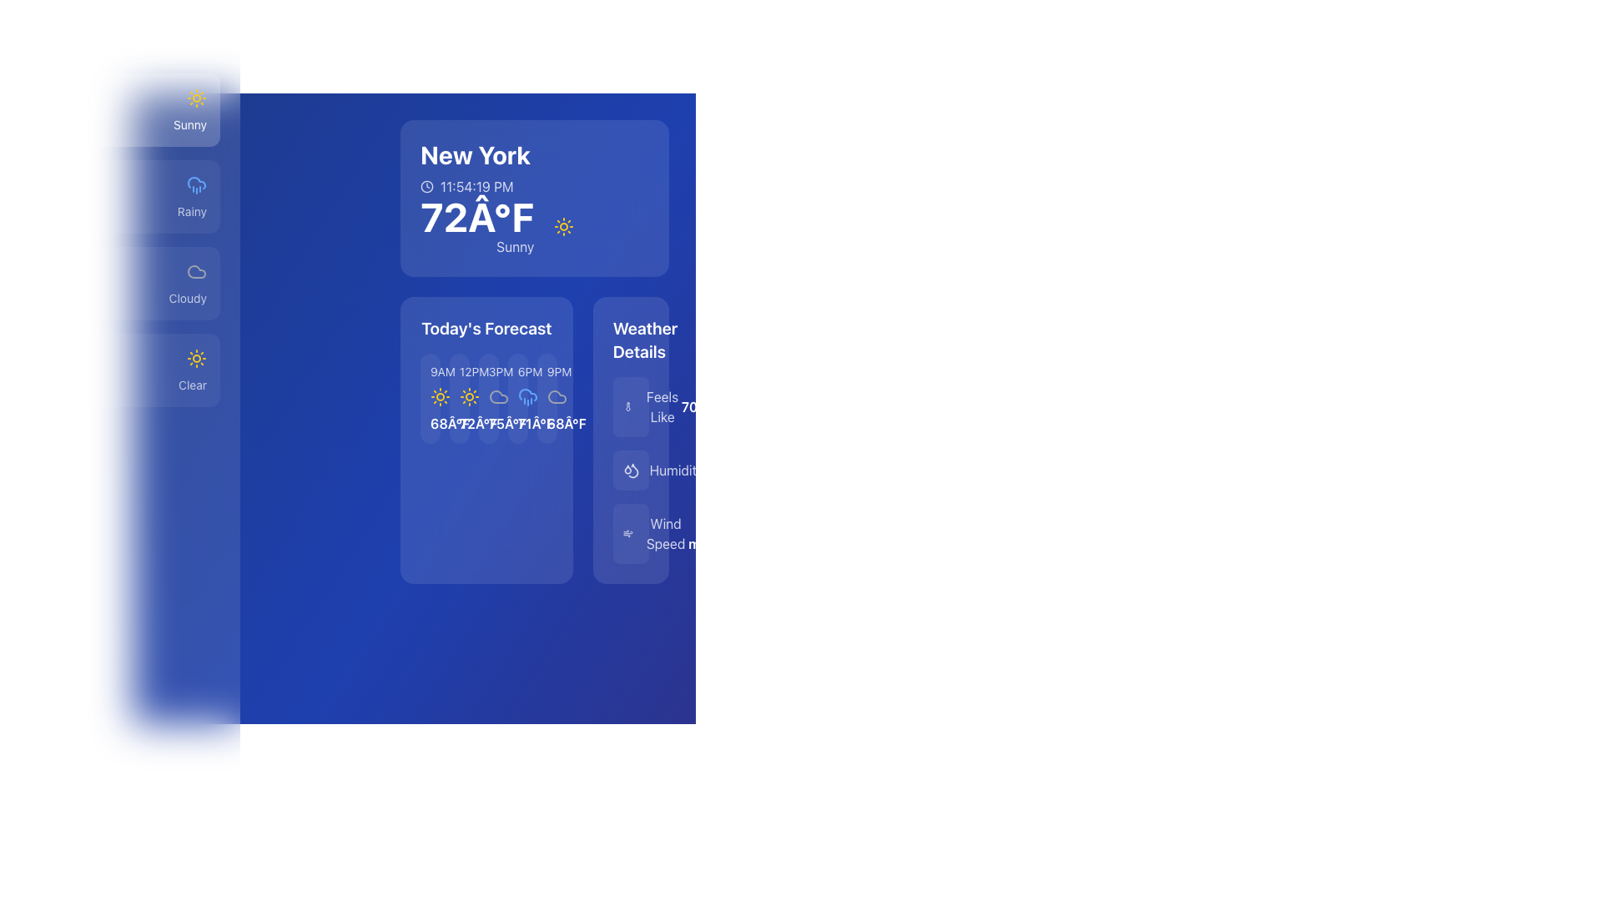  What do you see at coordinates (677, 470) in the screenshot?
I see `the 'Humidity' label that displays the word in white font with reduced opacity, located in the 'Weather Details' section, next to the water drop icon` at bounding box center [677, 470].